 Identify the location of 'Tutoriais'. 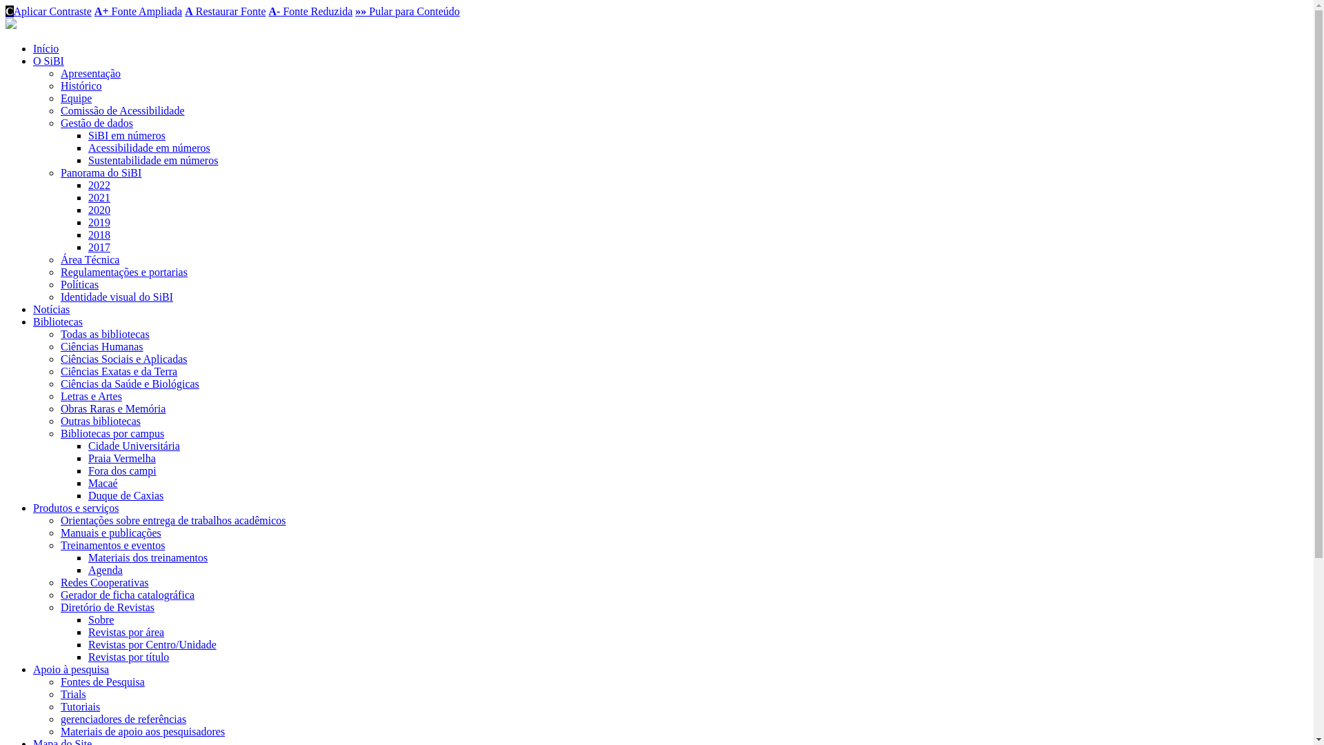
(59, 706).